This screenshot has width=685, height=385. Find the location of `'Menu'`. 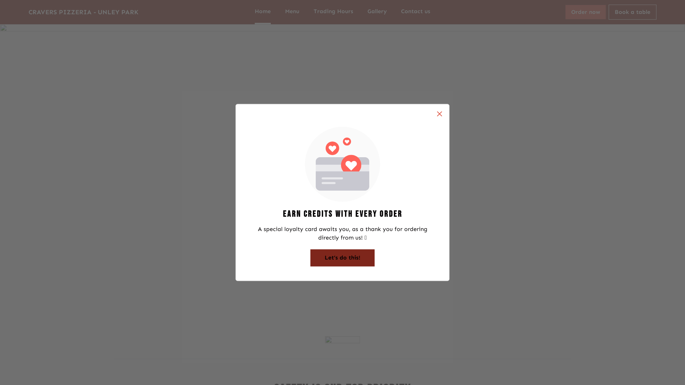

'Menu' is located at coordinates (292, 12).